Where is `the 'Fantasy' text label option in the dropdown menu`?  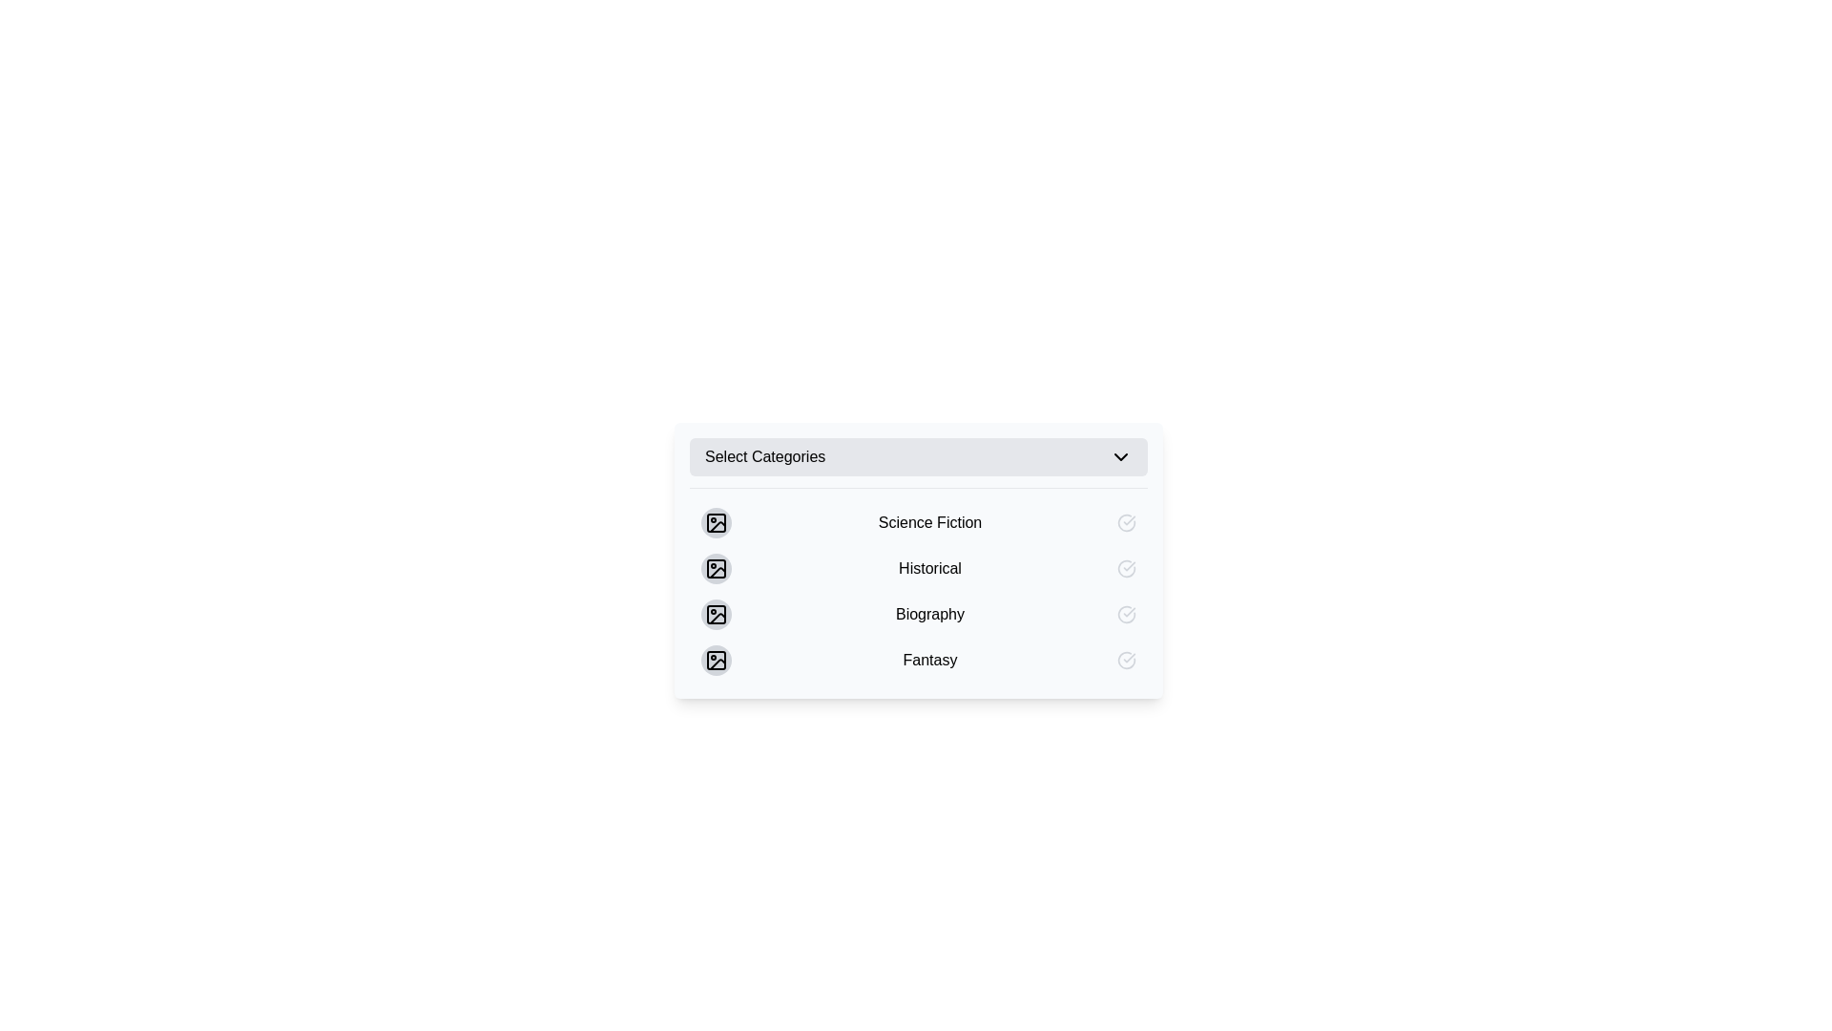
the 'Fantasy' text label option in the dropdown menu is located at coordinates (929, 659).